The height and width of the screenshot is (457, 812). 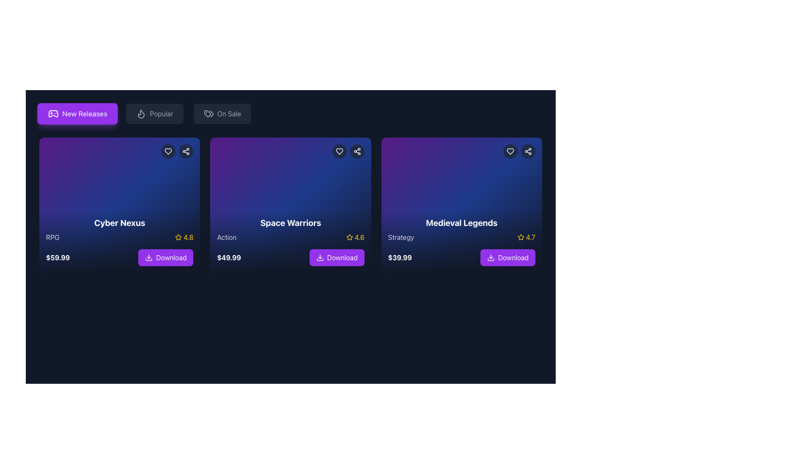 I want to click on the purple 'Download' button containing the downward arrow icon to initiate the download action, so click(x=149, y=257).